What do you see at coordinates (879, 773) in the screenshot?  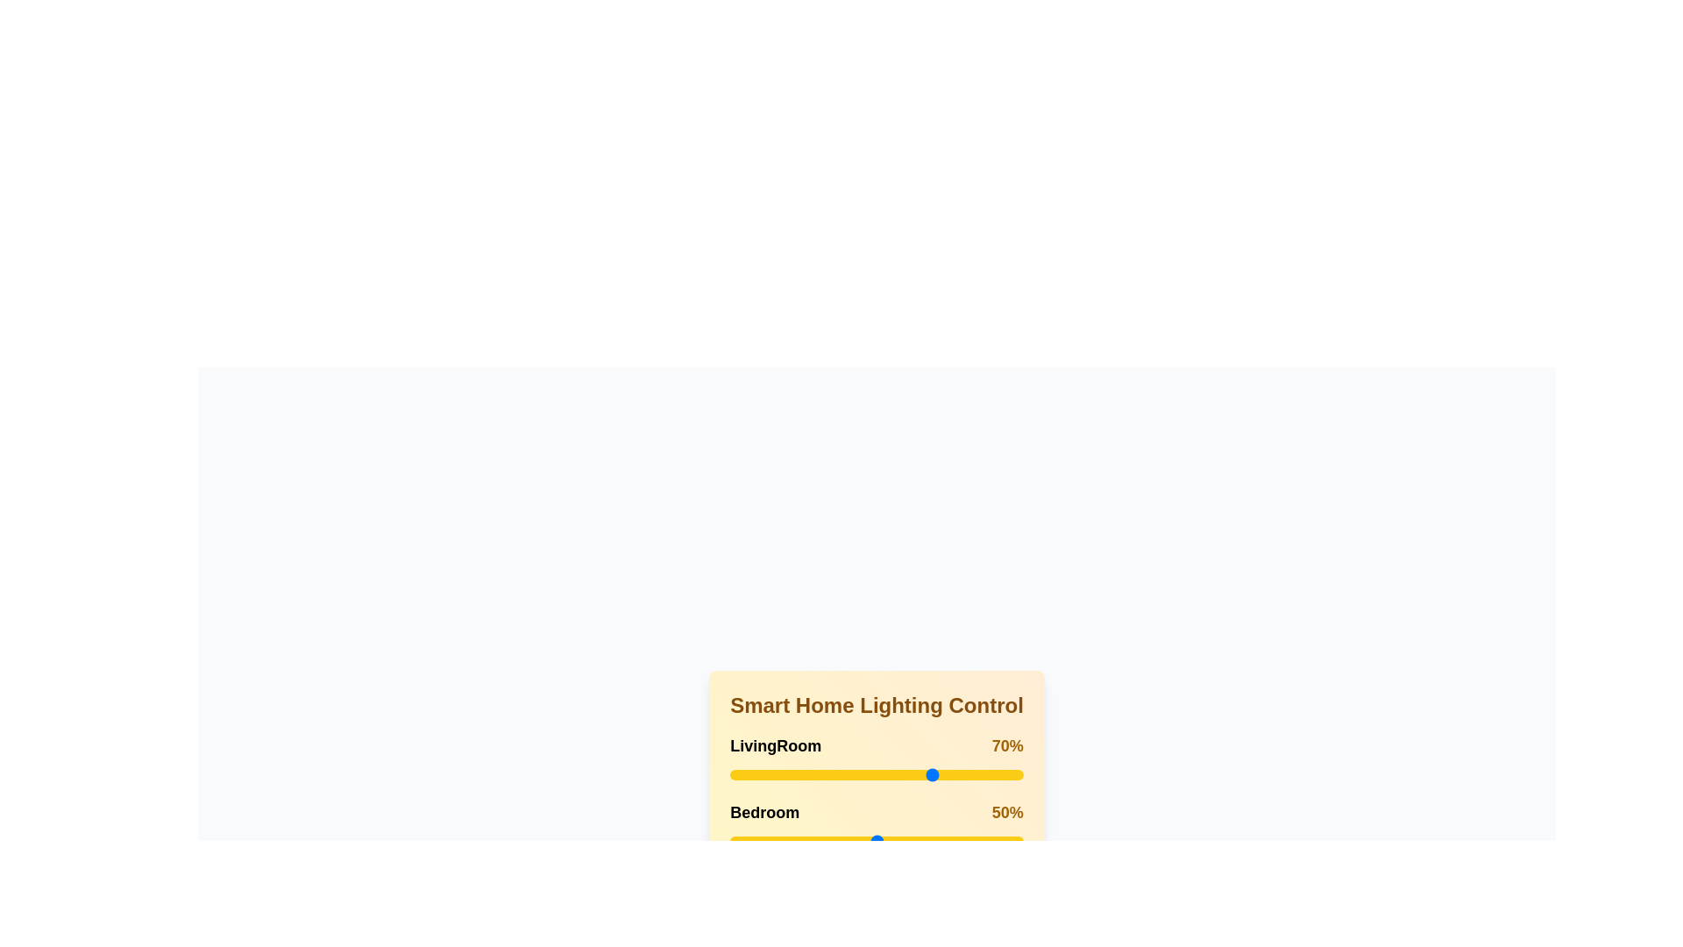 I see `the Living Room lighting level` at bounding box center [879, 773].